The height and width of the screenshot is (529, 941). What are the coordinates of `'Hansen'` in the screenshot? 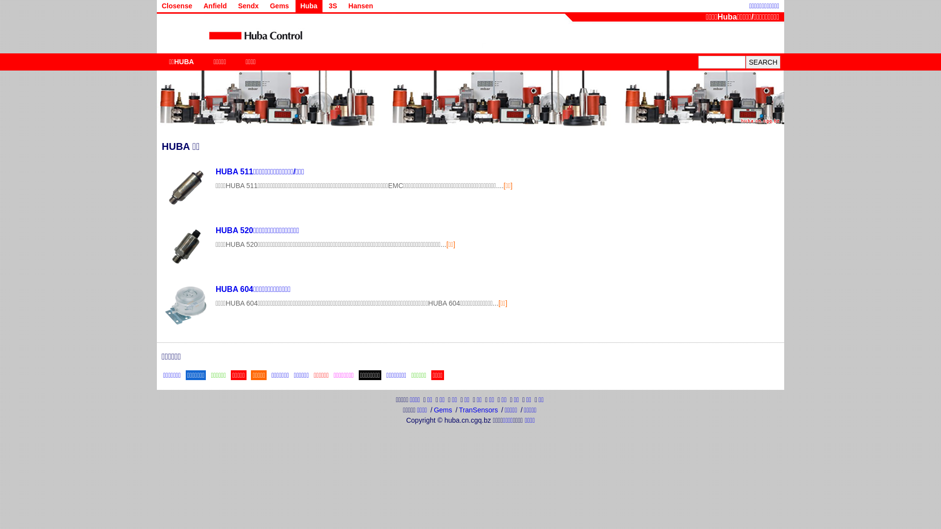 It's located at (343, 6).